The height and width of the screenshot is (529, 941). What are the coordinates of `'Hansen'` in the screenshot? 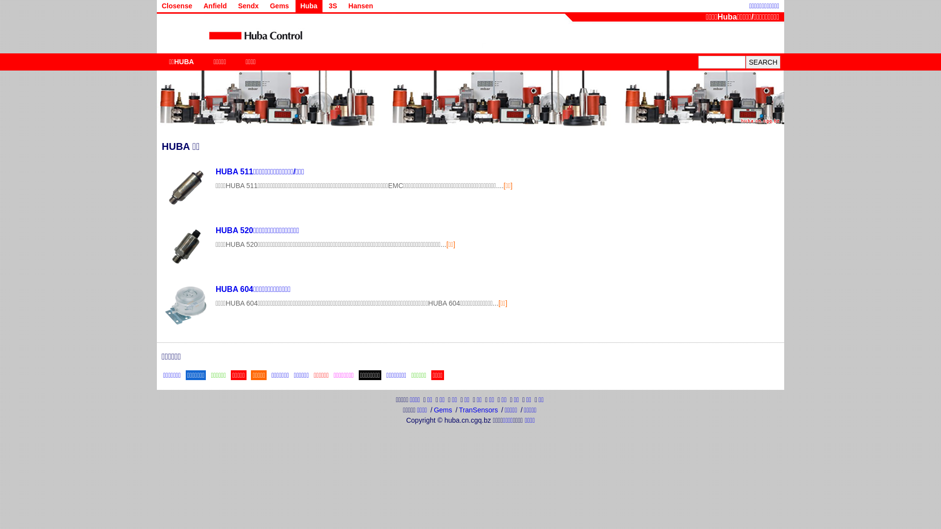 It's located at (343, 6).